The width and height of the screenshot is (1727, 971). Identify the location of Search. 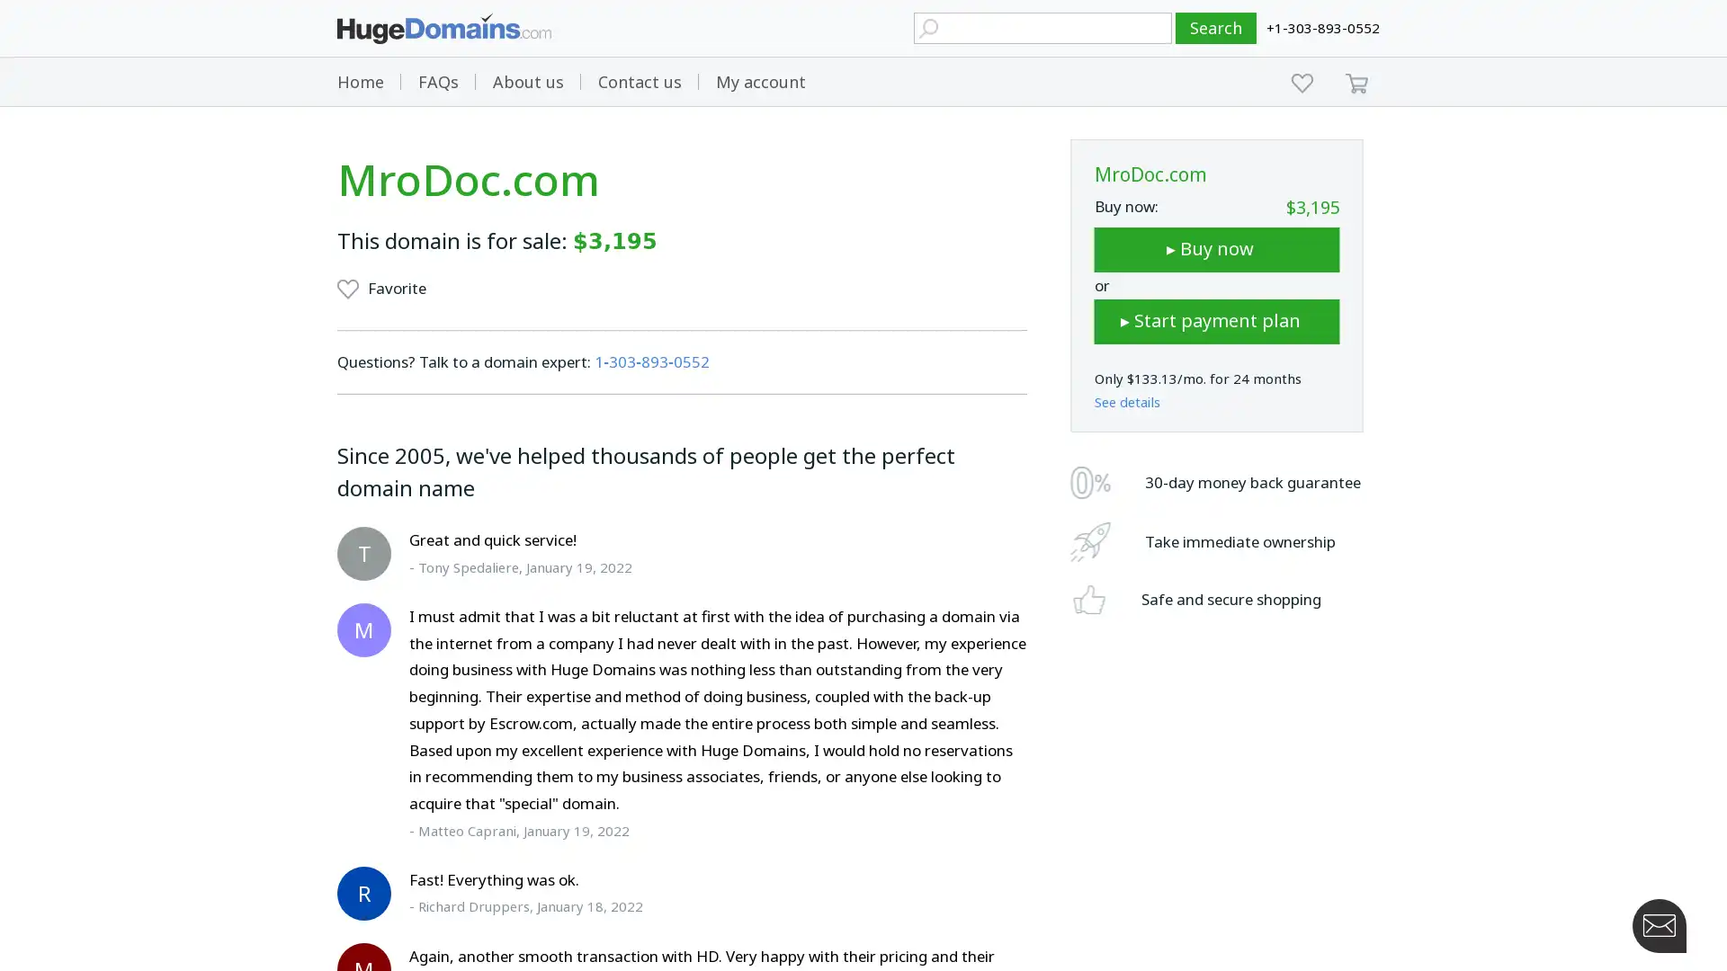
(1216, 28).